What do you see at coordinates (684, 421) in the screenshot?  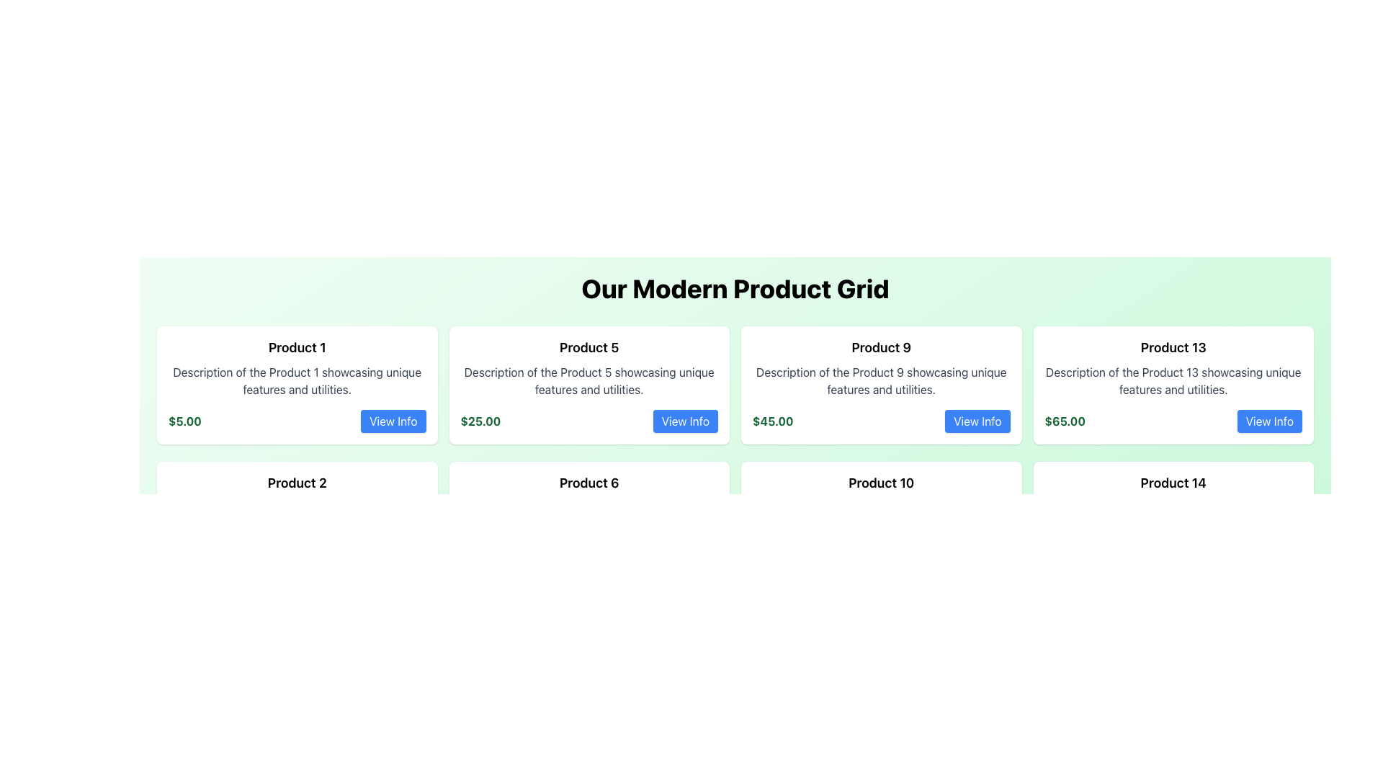 I see `the 'View Info' button located at the bottom right corner of the 'Product 5' card to change its color` at bounding box center [684, 421].